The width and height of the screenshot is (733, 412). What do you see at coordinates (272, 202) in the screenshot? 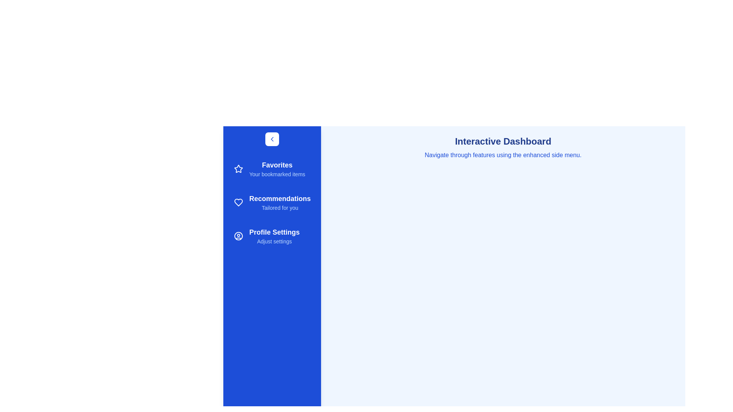
I see `the sidebar option Recommendations` at bounding box center [272, 202].